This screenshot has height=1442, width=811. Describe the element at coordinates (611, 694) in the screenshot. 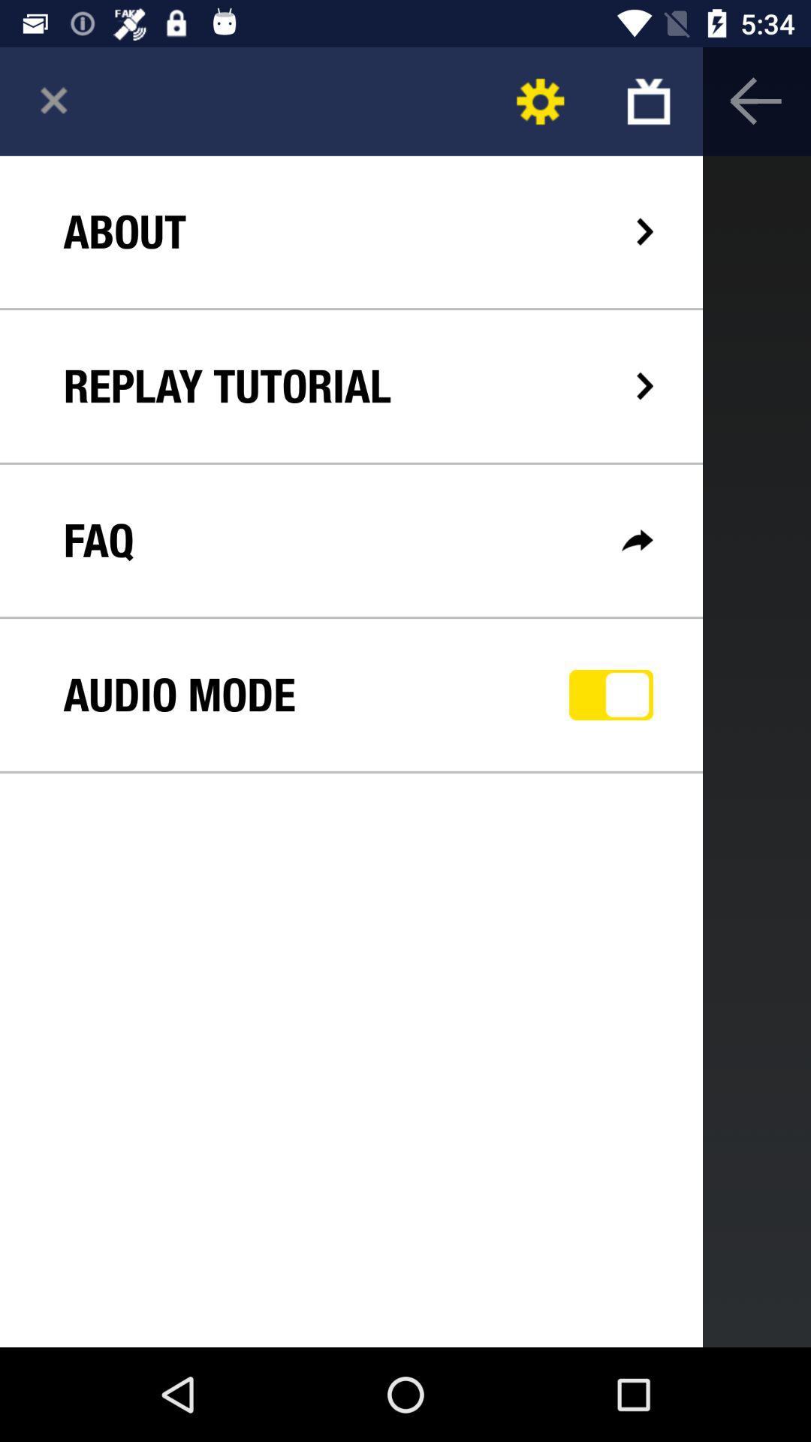

I see `item to the right of the audio mode app` at that location.